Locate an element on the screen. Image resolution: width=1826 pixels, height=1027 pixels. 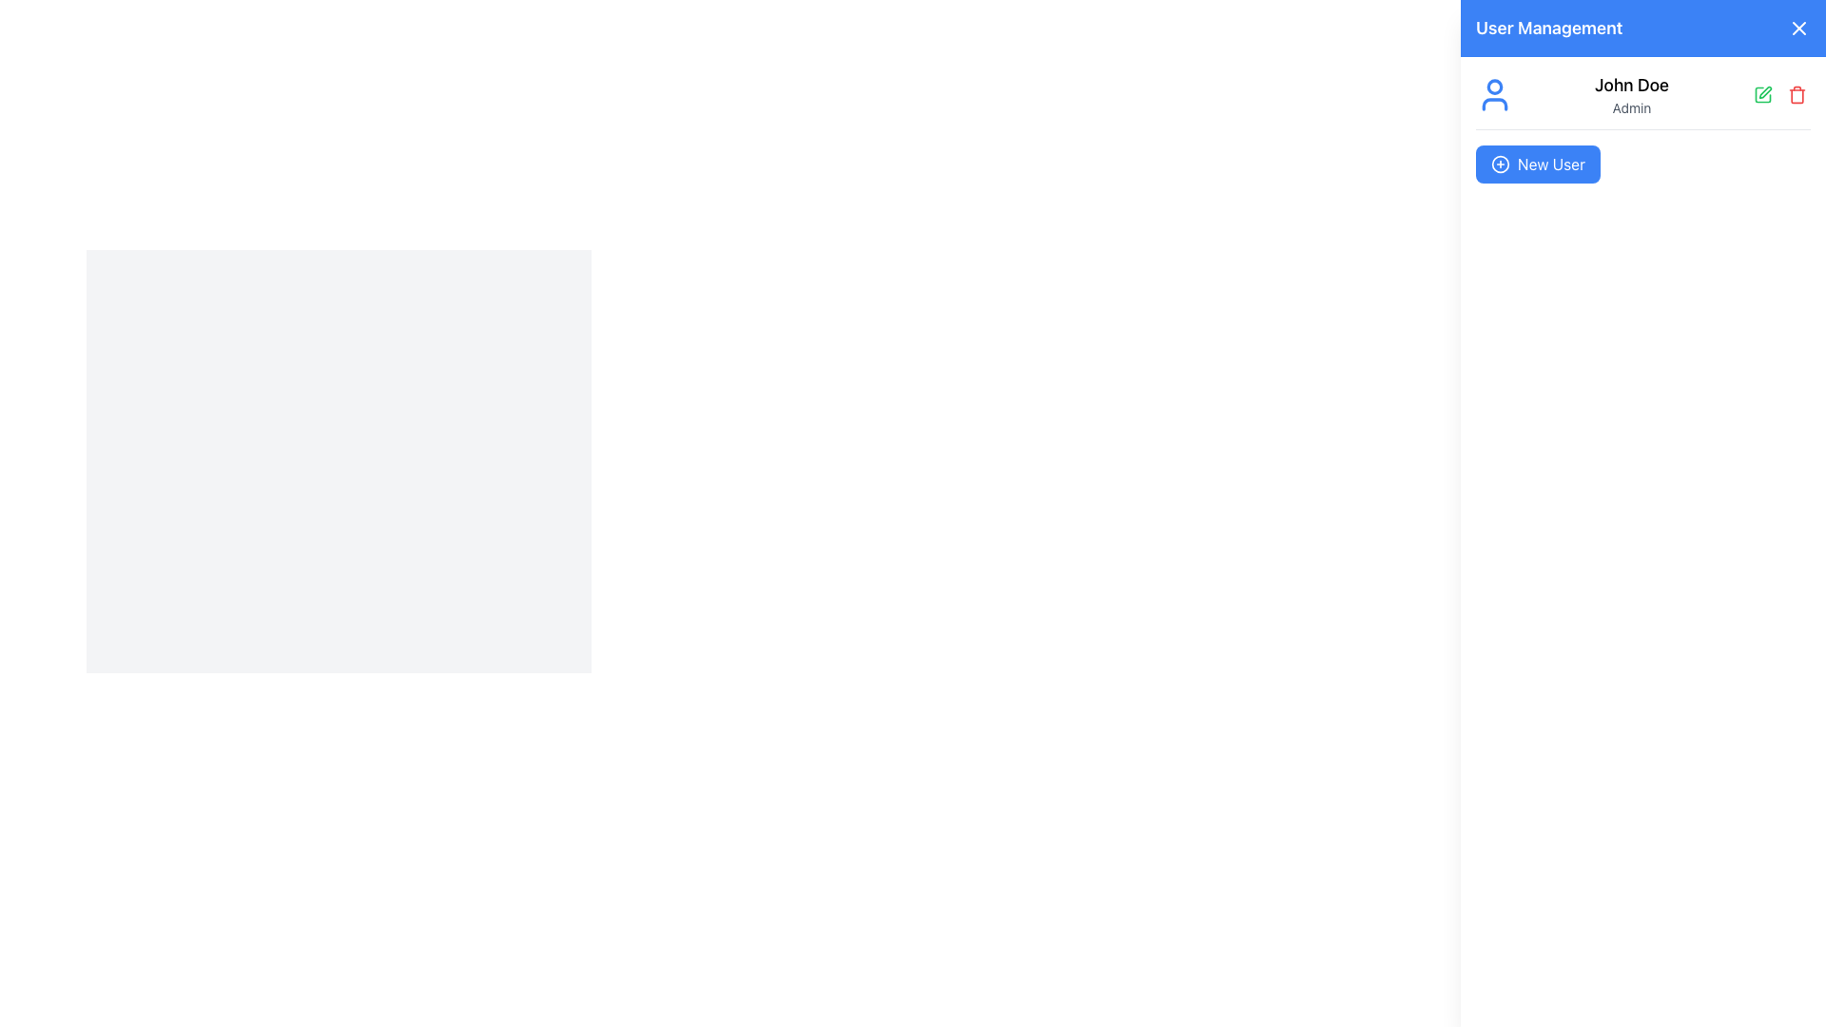
the circular trash button with a red icon located in the top-right corner of the user details panel is located at coordinates (1797, 95).